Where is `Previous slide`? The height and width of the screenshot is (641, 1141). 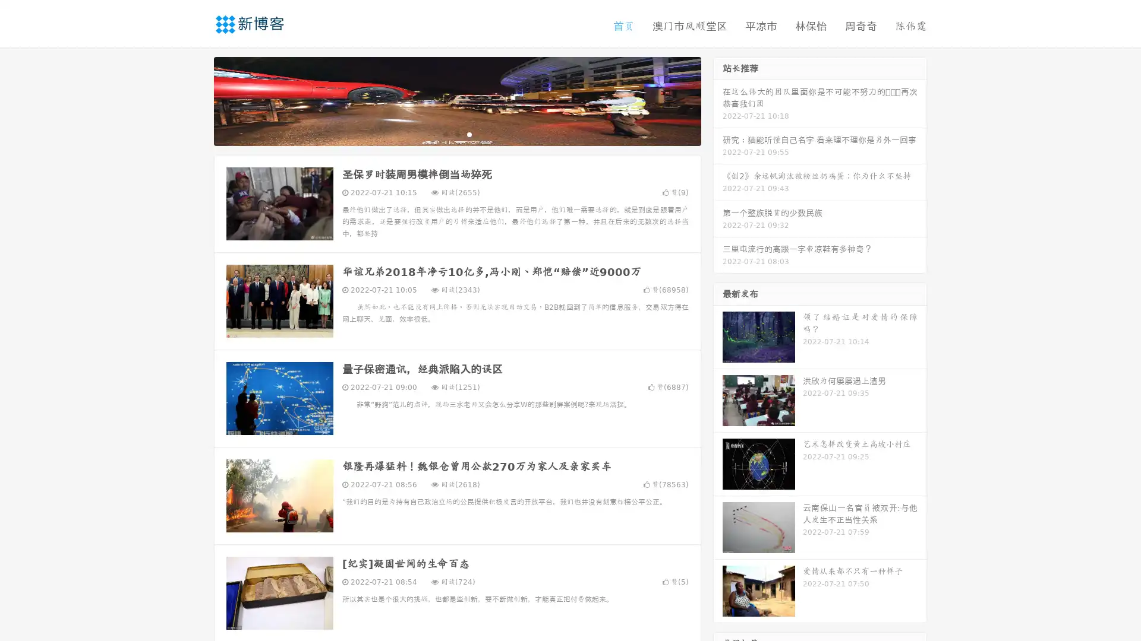 Previous slide is located at coordinates (196, 100).